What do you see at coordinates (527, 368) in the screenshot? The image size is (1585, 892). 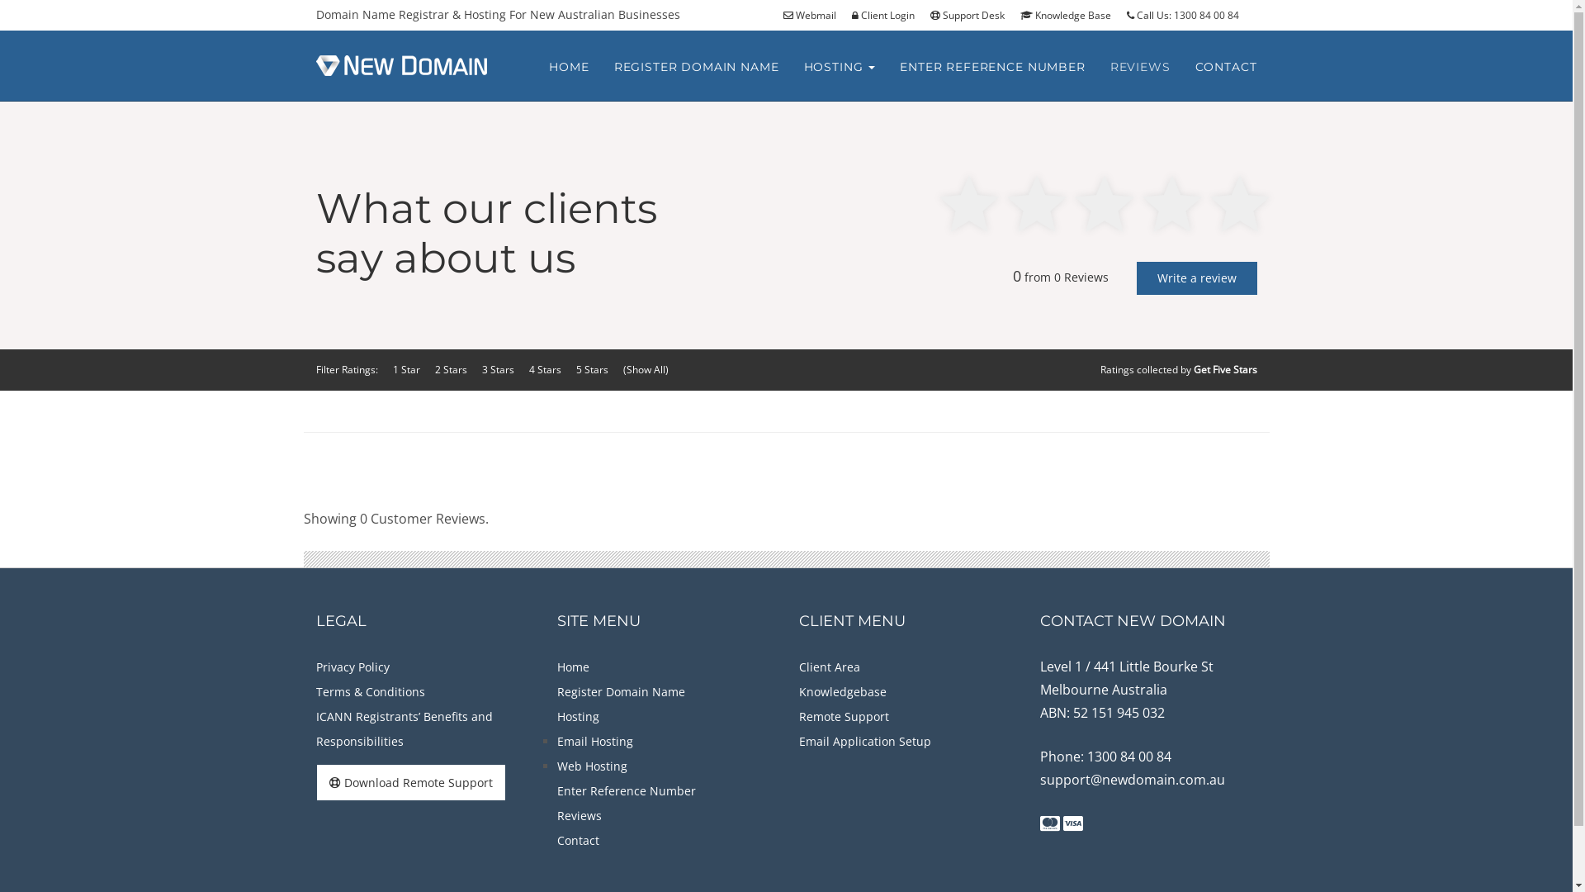 I see `'4 Stars'` at bounding box center [527, 368].